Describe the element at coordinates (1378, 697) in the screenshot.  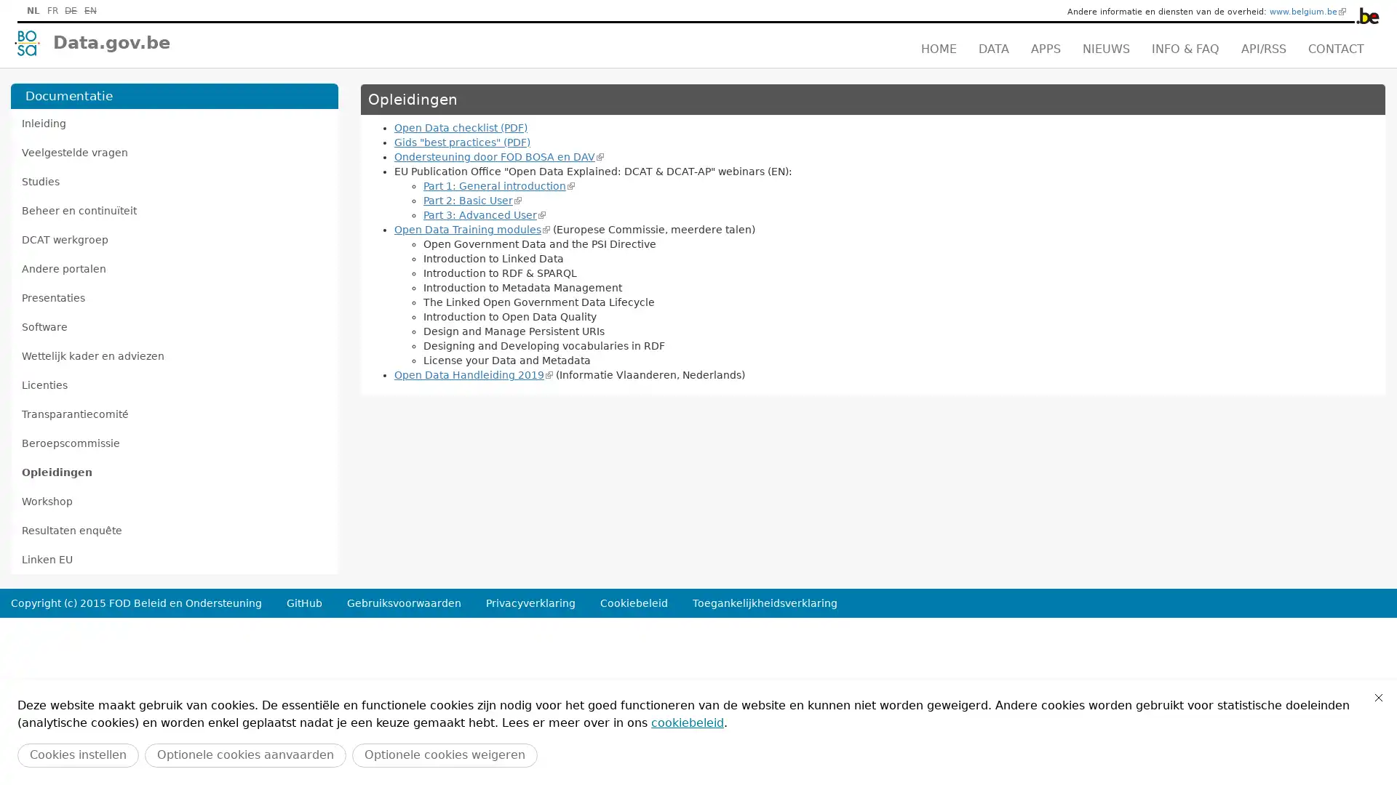
I see `Sluiten` at that location.